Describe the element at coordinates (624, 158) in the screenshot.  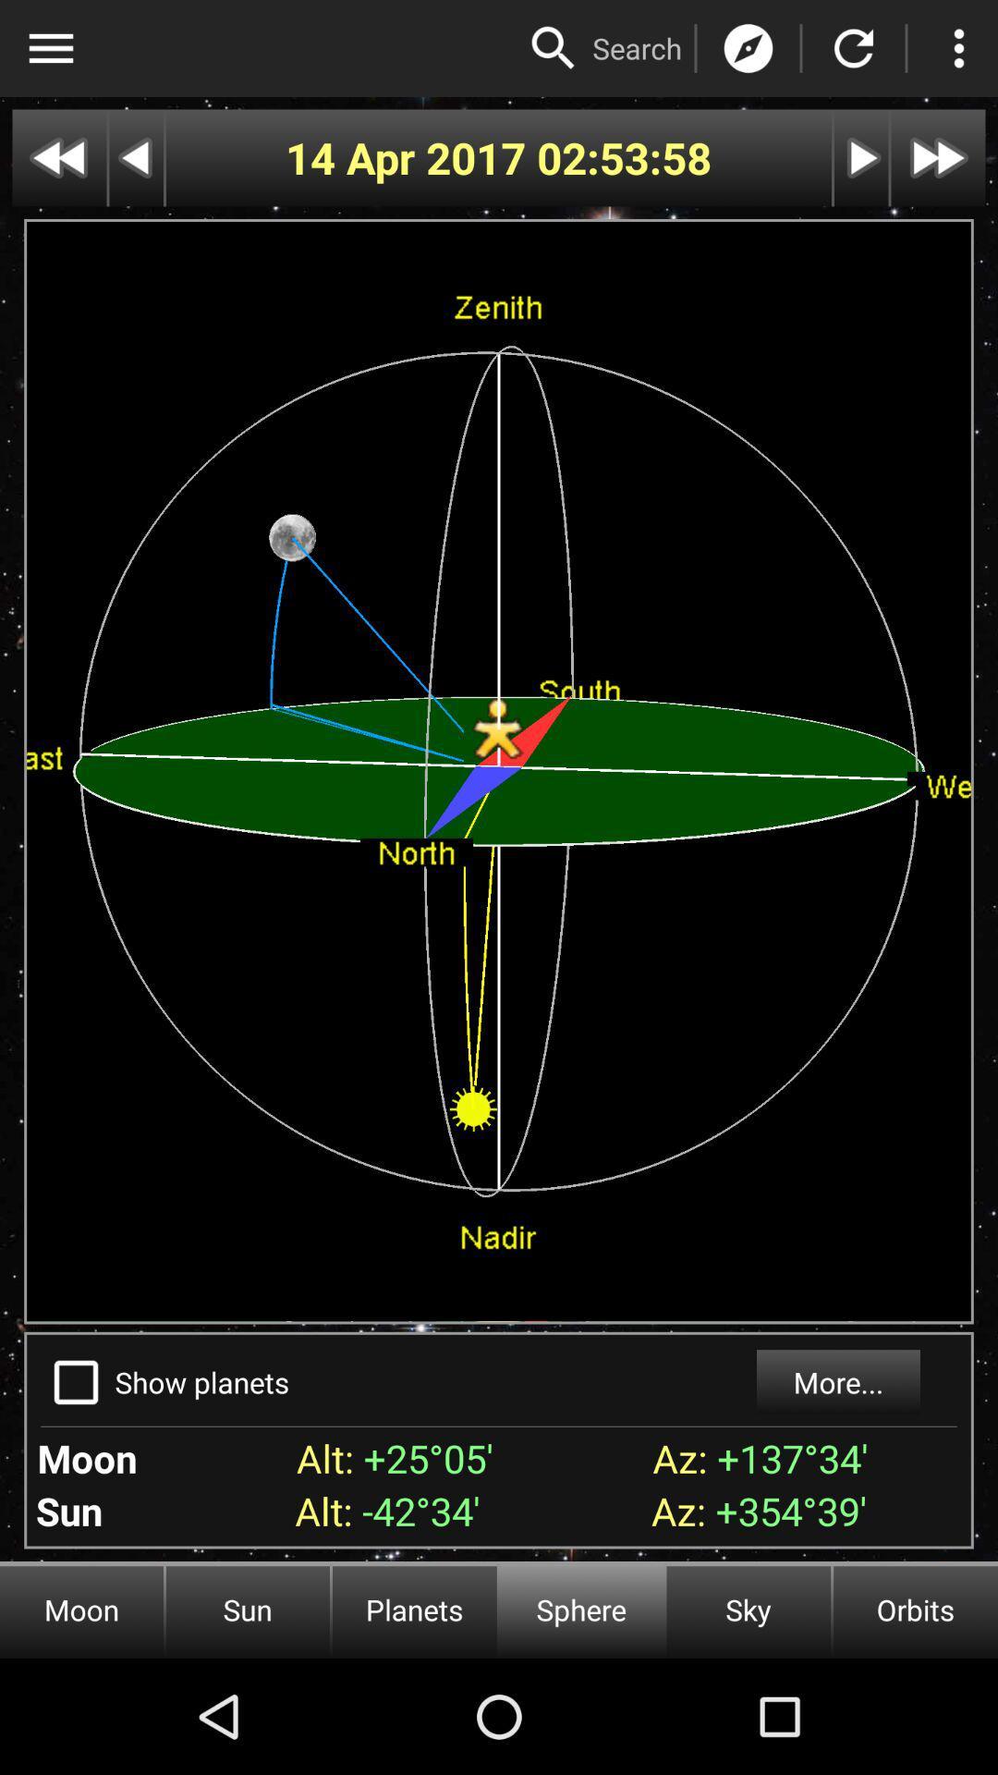
I see `the icon next to 14 apr 2017  item` at that location.